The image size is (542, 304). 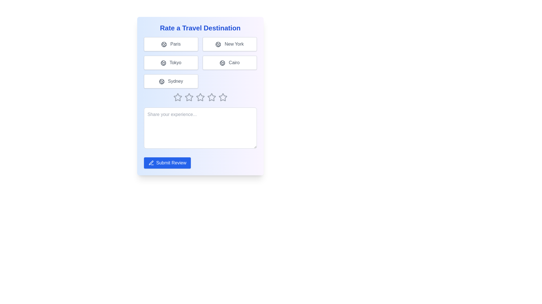 What do you see at coordinates (211, 97) in the screenshot?
I see `the fifth star in the star-shaped rating control` at bounding box center [211, 97].